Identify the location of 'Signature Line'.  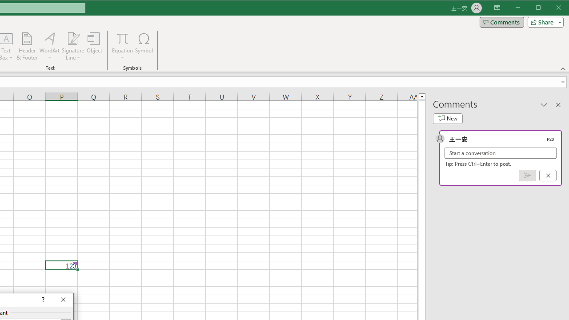
(73, 38).